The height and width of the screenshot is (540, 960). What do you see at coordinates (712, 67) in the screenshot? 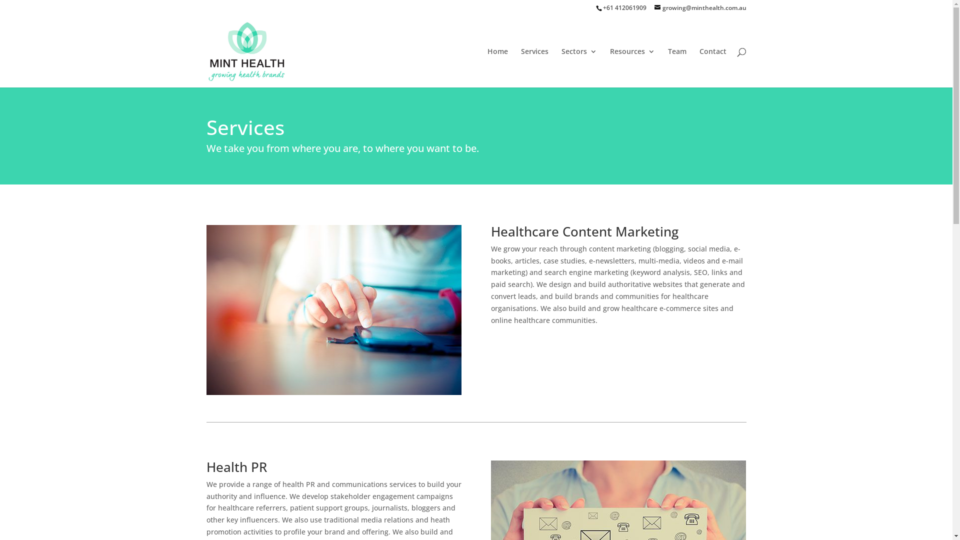
I see `'Contact'` at bounding box center [712, 67].